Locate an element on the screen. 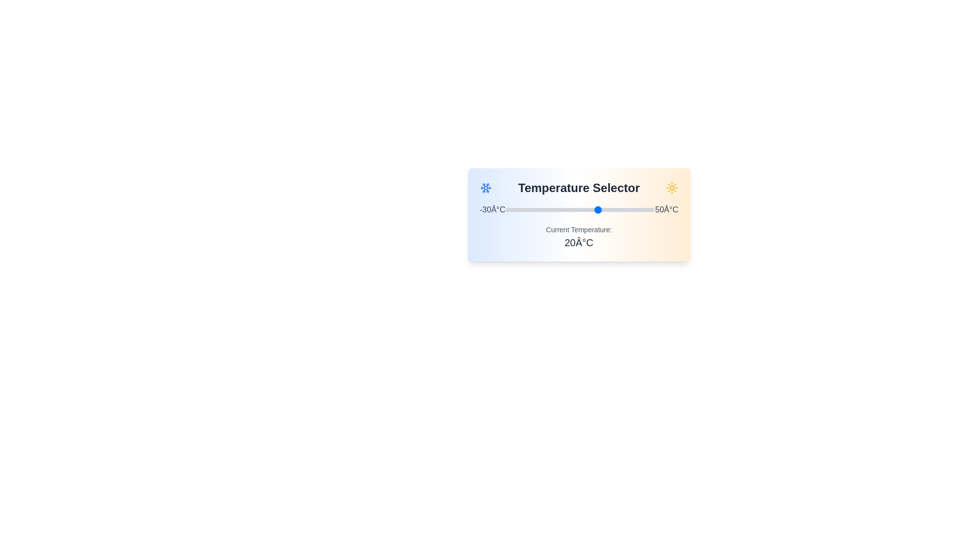 This screenshot has height=536, width=953. the temperature is located at coordinates (572, 209).